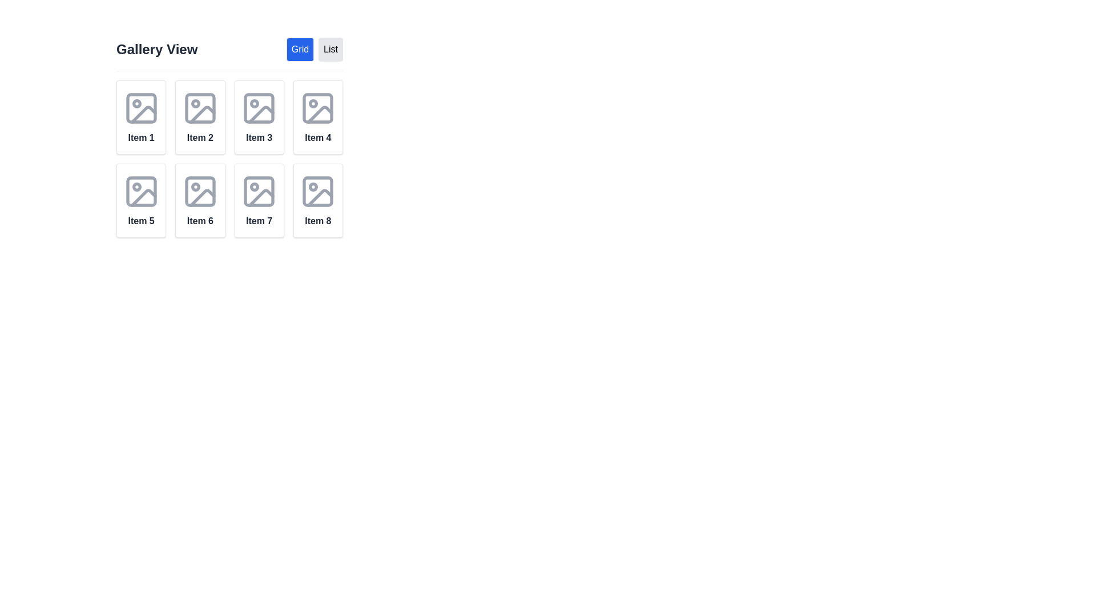 Image resolution: width=1096 pixels, height=616 pixels. What do you see at coordinates (140, 191) in the screenshot?
I see `the icon that represents an image or a placeholder for image content, located in the middle of the icon area above the text 'Item 5'` at bounding box center [140, 191].